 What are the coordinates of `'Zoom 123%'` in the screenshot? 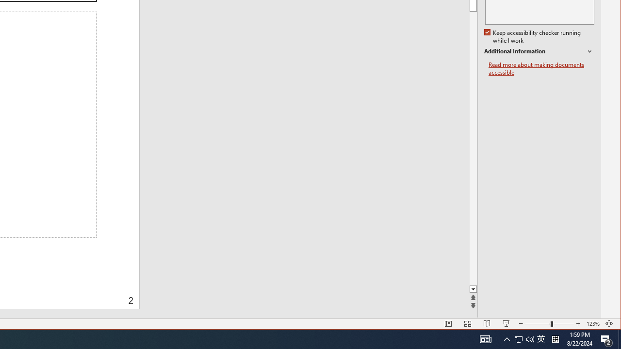 It's located at (592, 324).